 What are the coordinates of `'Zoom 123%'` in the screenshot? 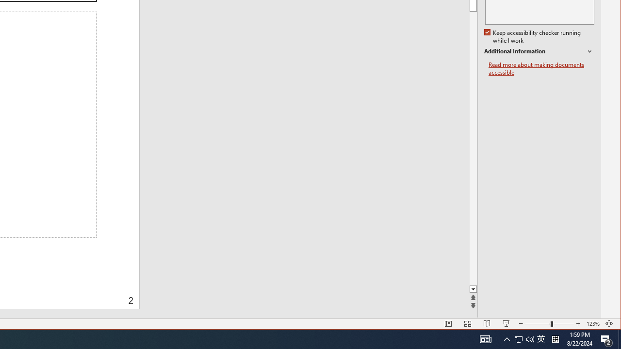 It's located at (592, 324).